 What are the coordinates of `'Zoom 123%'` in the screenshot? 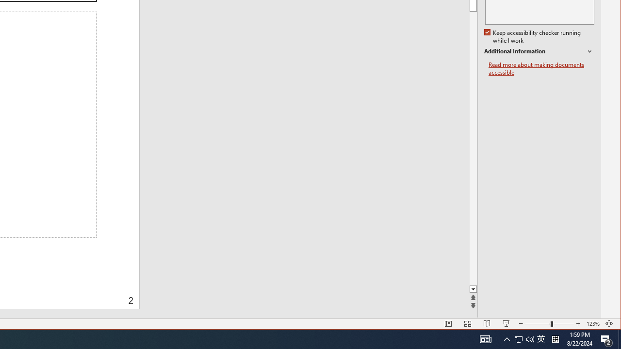 It's located at (592, 324).